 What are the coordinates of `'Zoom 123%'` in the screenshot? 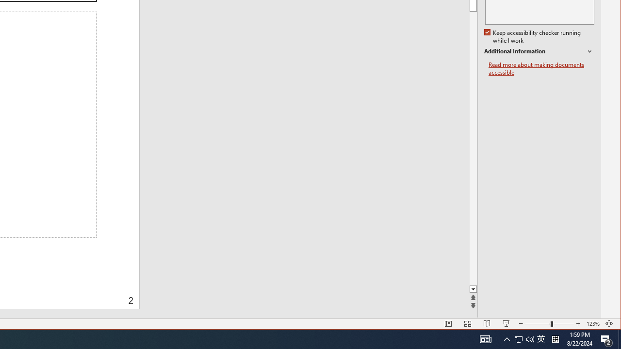 It's located at (592, 324).